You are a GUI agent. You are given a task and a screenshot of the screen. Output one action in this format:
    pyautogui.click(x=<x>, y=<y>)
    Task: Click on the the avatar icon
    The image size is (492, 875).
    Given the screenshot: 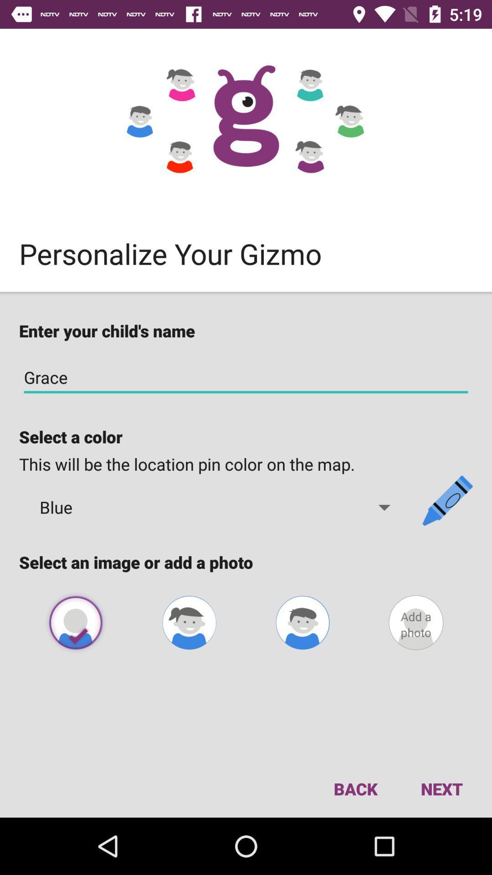 What is the action you would take?
    pyautogui.click(x=302, y=622)
    